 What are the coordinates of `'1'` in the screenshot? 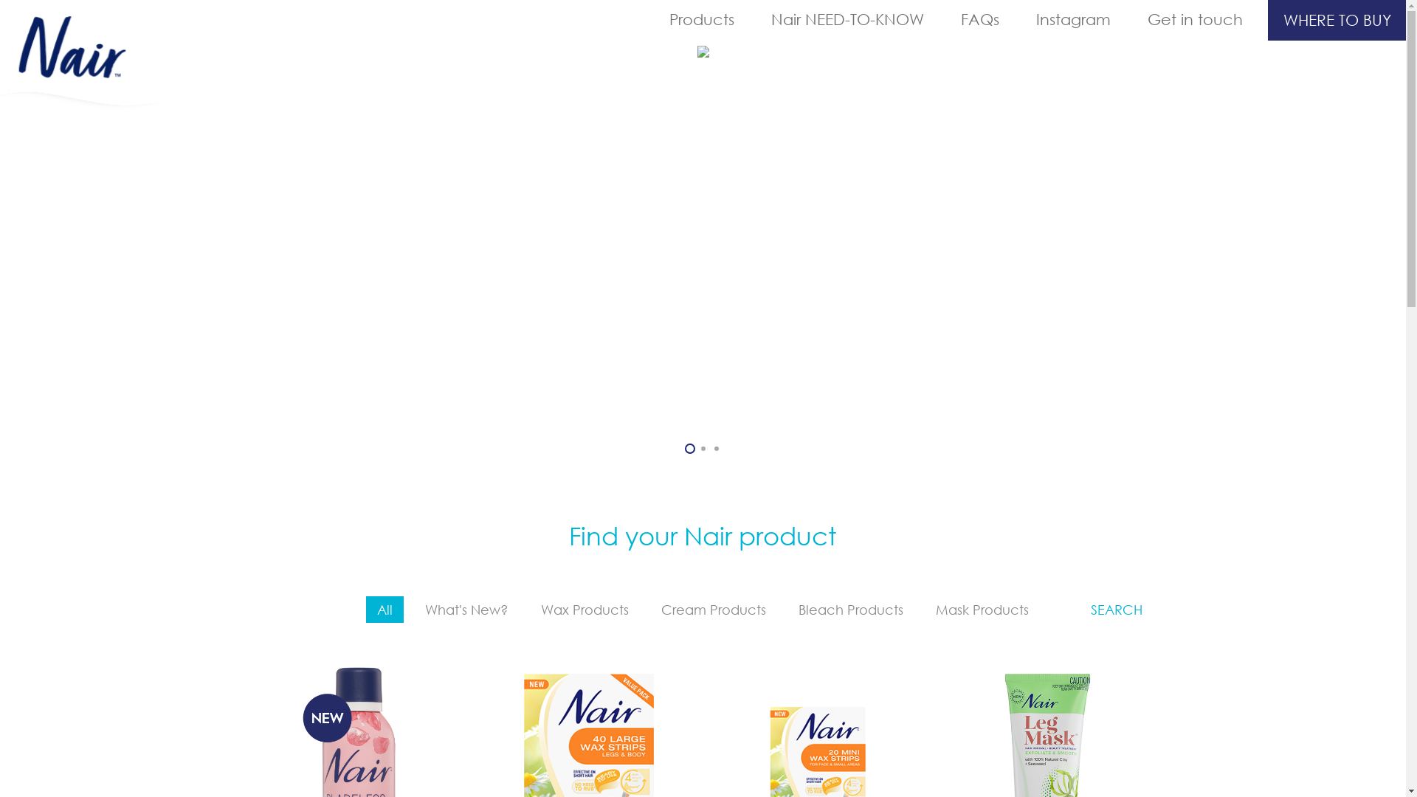 It's located at (689, 448).